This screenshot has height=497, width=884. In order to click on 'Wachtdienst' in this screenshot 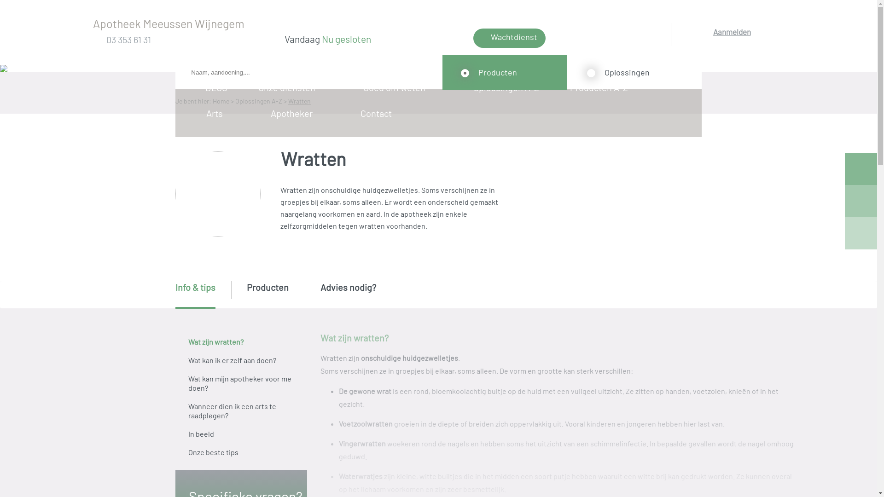, I will do `click(509, 38)`.